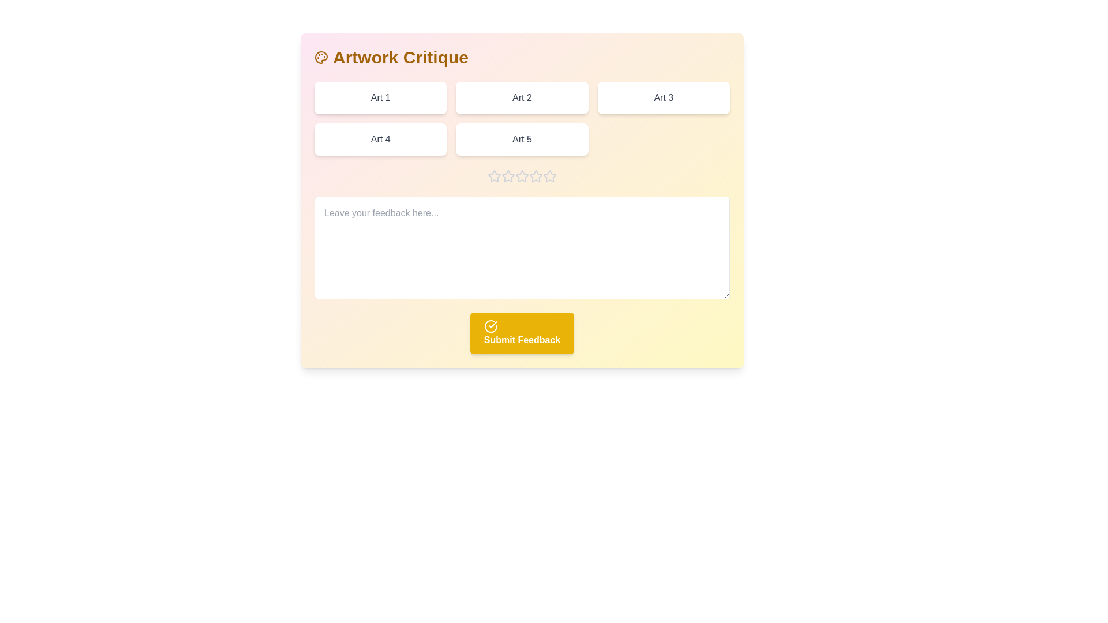 Image resolution: width=1108 pixels, height=623 pixels. Describe the element at coordinates (508, 176) in the screenshot. I see `the rating to 2 stars by clicking on the corresponding star button` at that location.